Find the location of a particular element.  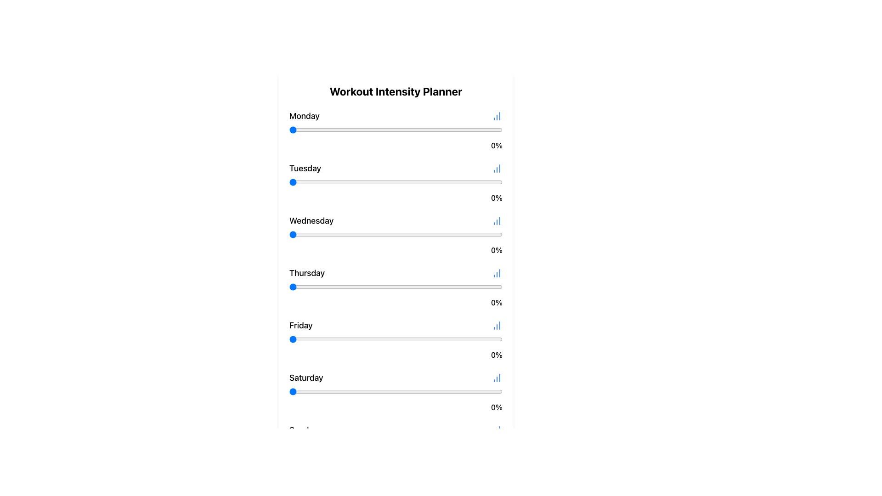

the workout intensity for Monday is located at coordinates (475, 130).